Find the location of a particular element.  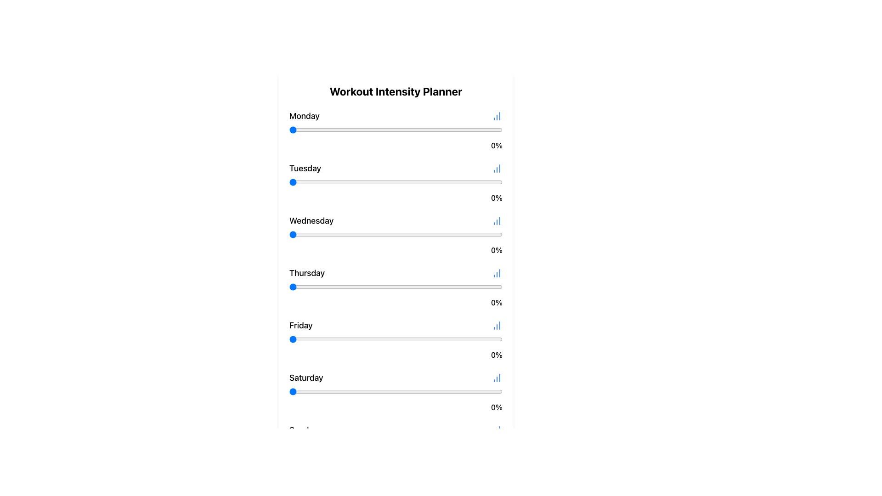

the workout intensity for Monday is located at coordinates (475, 130).